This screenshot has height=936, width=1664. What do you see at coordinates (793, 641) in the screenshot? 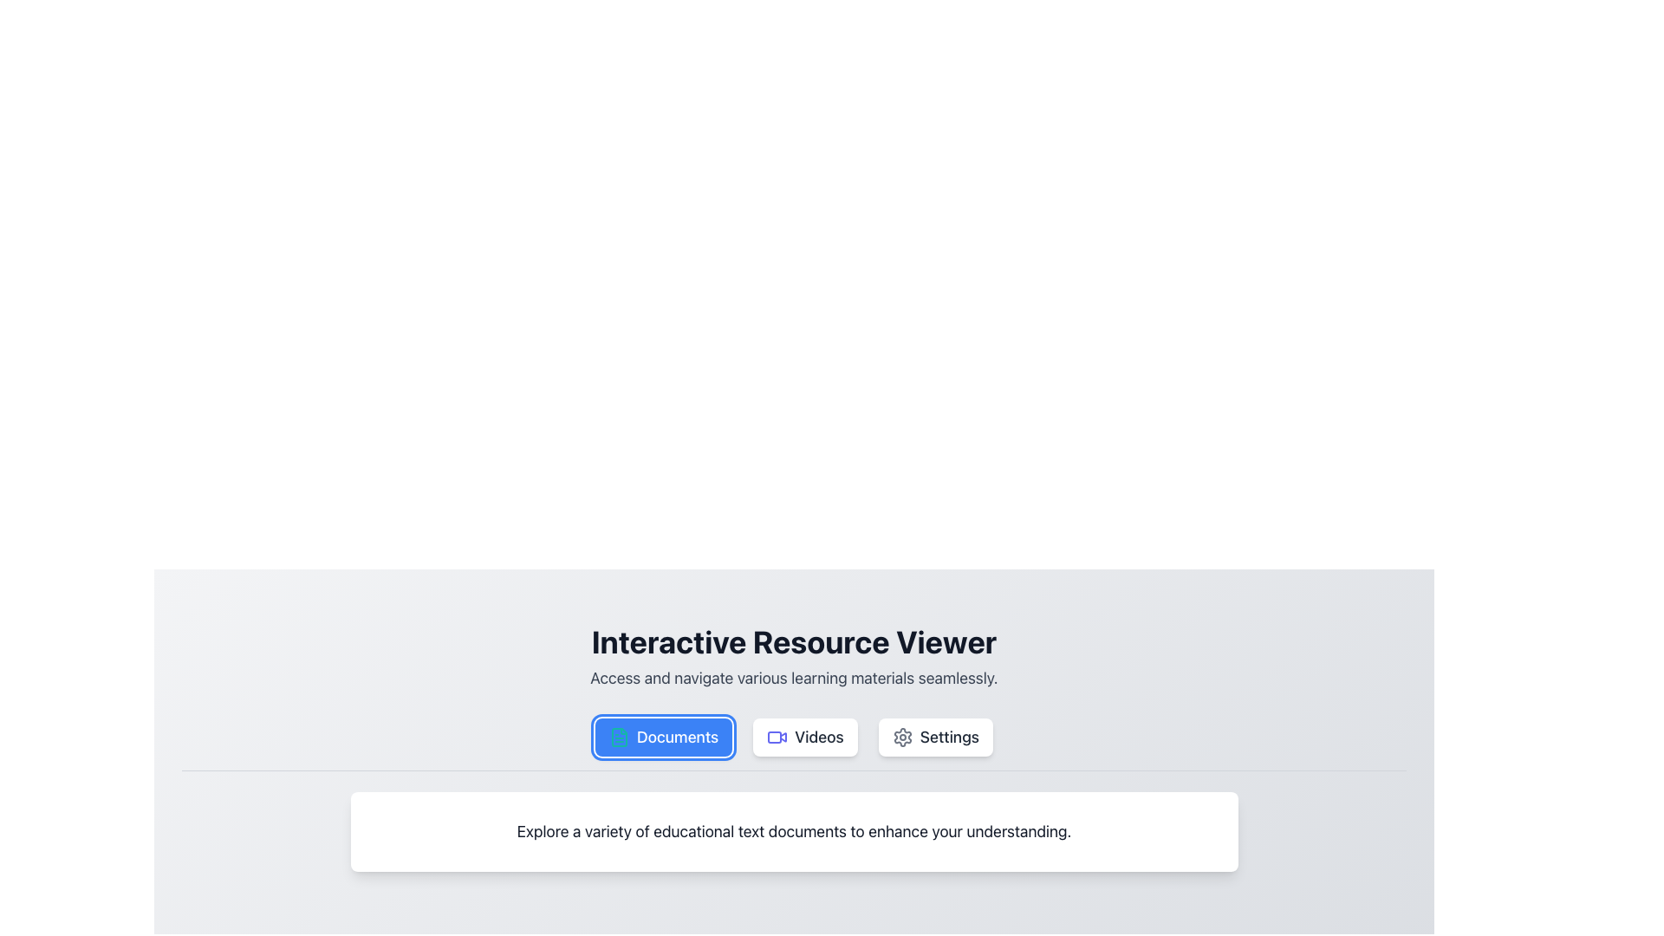
I see `text from the heading labeled 'Interactive Resource Viewer', which is a bold and large text element located prominently above a smaller subheading` at bounding box center [793, 641].